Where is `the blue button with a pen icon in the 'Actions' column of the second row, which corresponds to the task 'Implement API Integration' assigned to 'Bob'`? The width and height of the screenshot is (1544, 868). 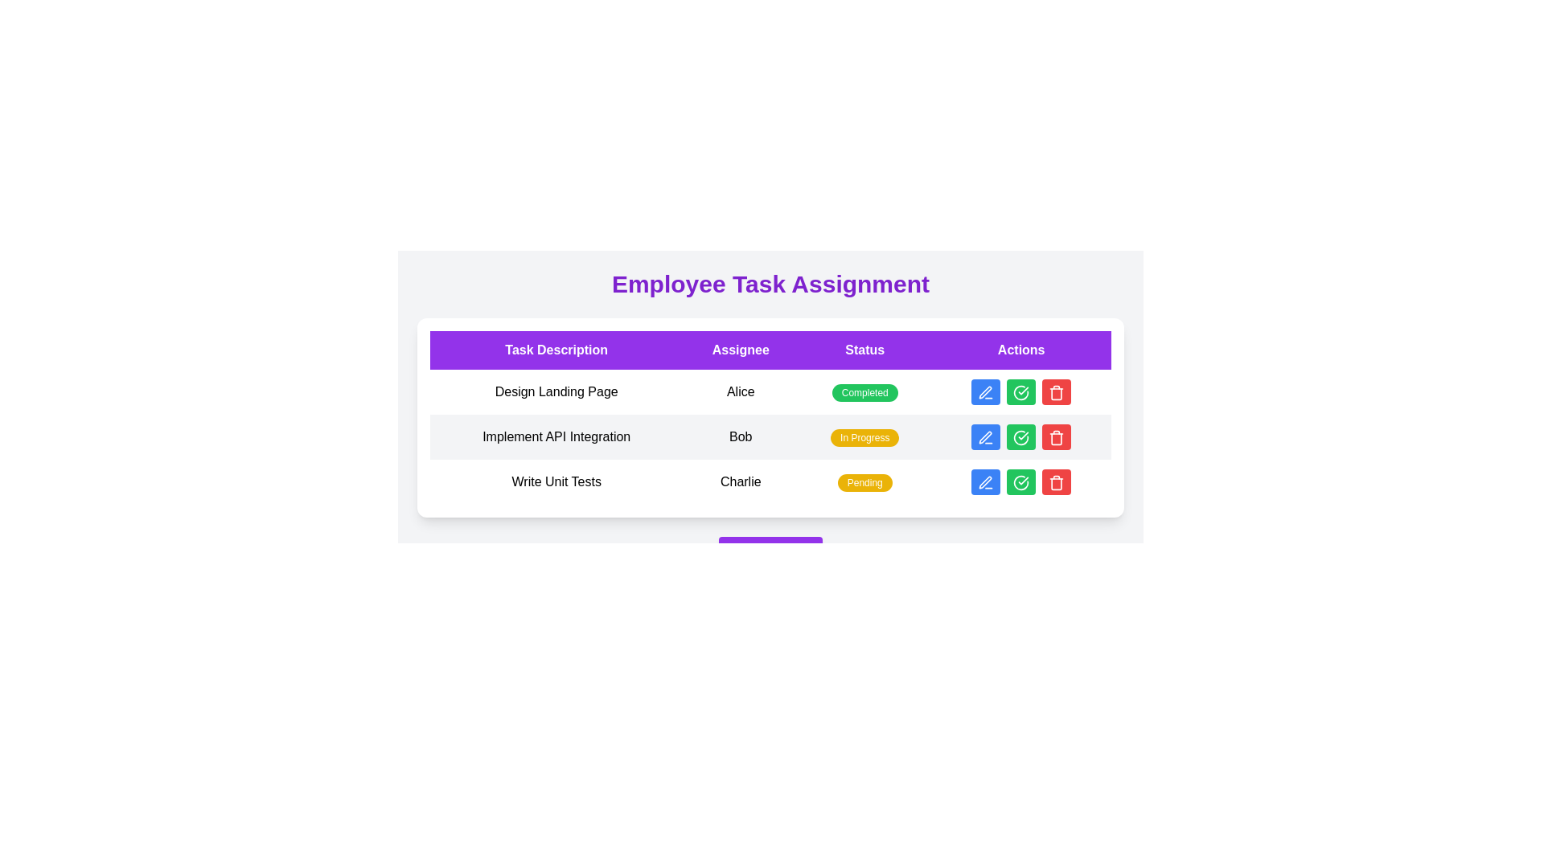 the blue button with a pen icon in the 'Actions' column of the second row, which corresponds to the task 'Implement API Integration' assigned to 'Bob' is located at coordinates (985, 436).